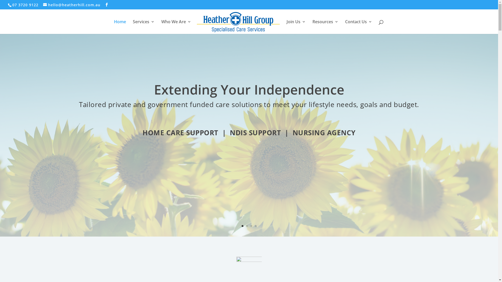 The height and width of the screenshot is (282, 502). Describe the element at coordinates (242, 226) in the screenshot. I see `'1'` at that location.